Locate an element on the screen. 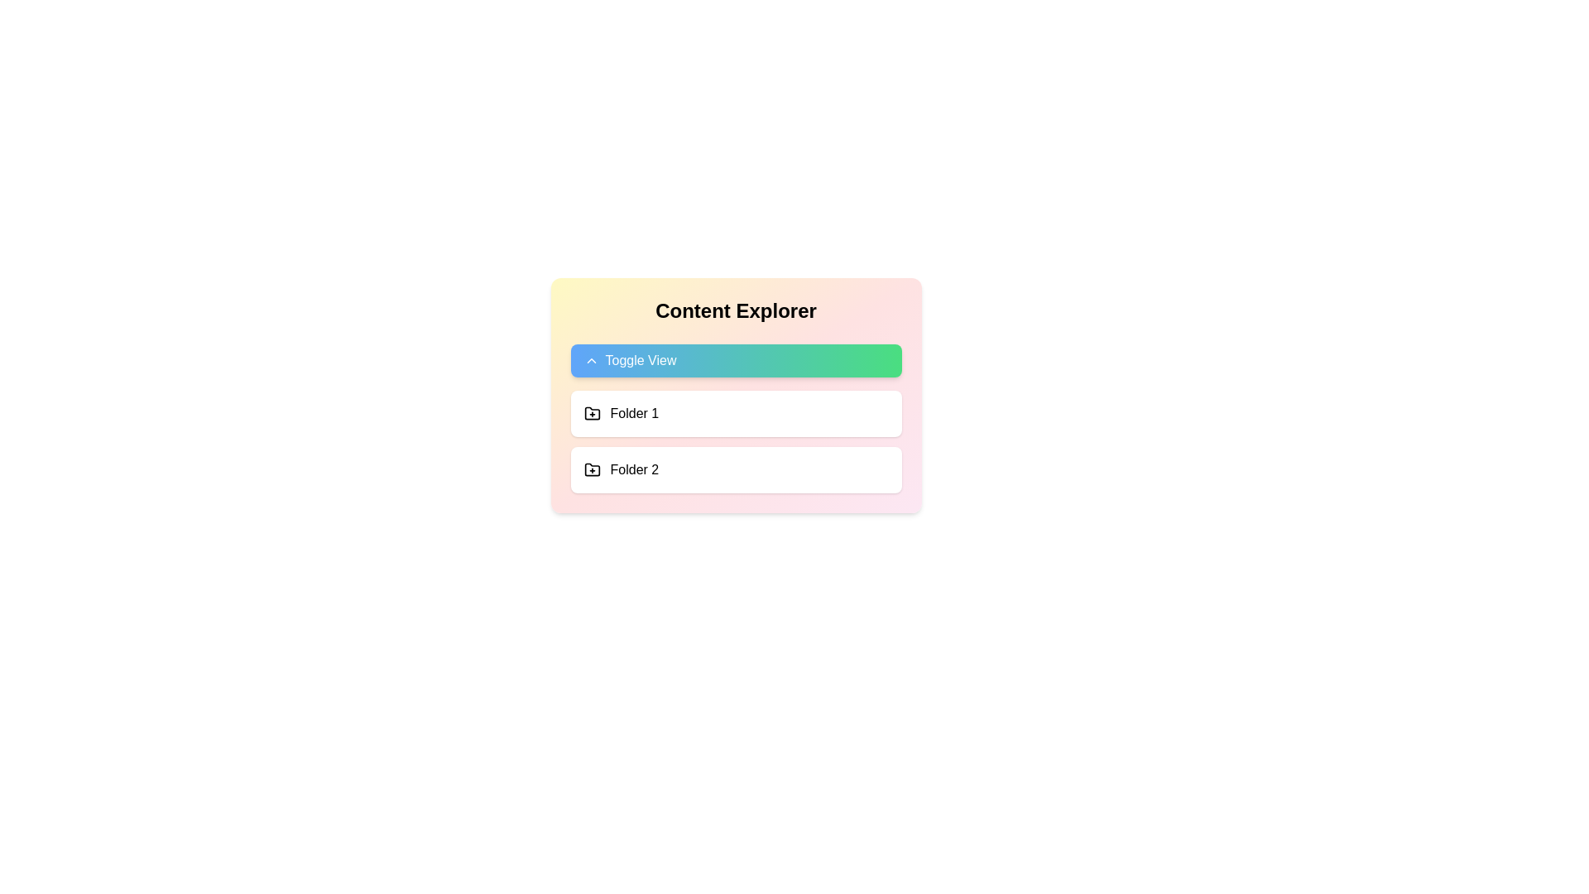 Image resolution: width=1589 pixels, height=894 pixels. the static text label displaying 'Folder 1', which is styled in bold and located to the right of a folder icon with a '+' sign in a vertical folder listing is located at coordinates (633, 413).